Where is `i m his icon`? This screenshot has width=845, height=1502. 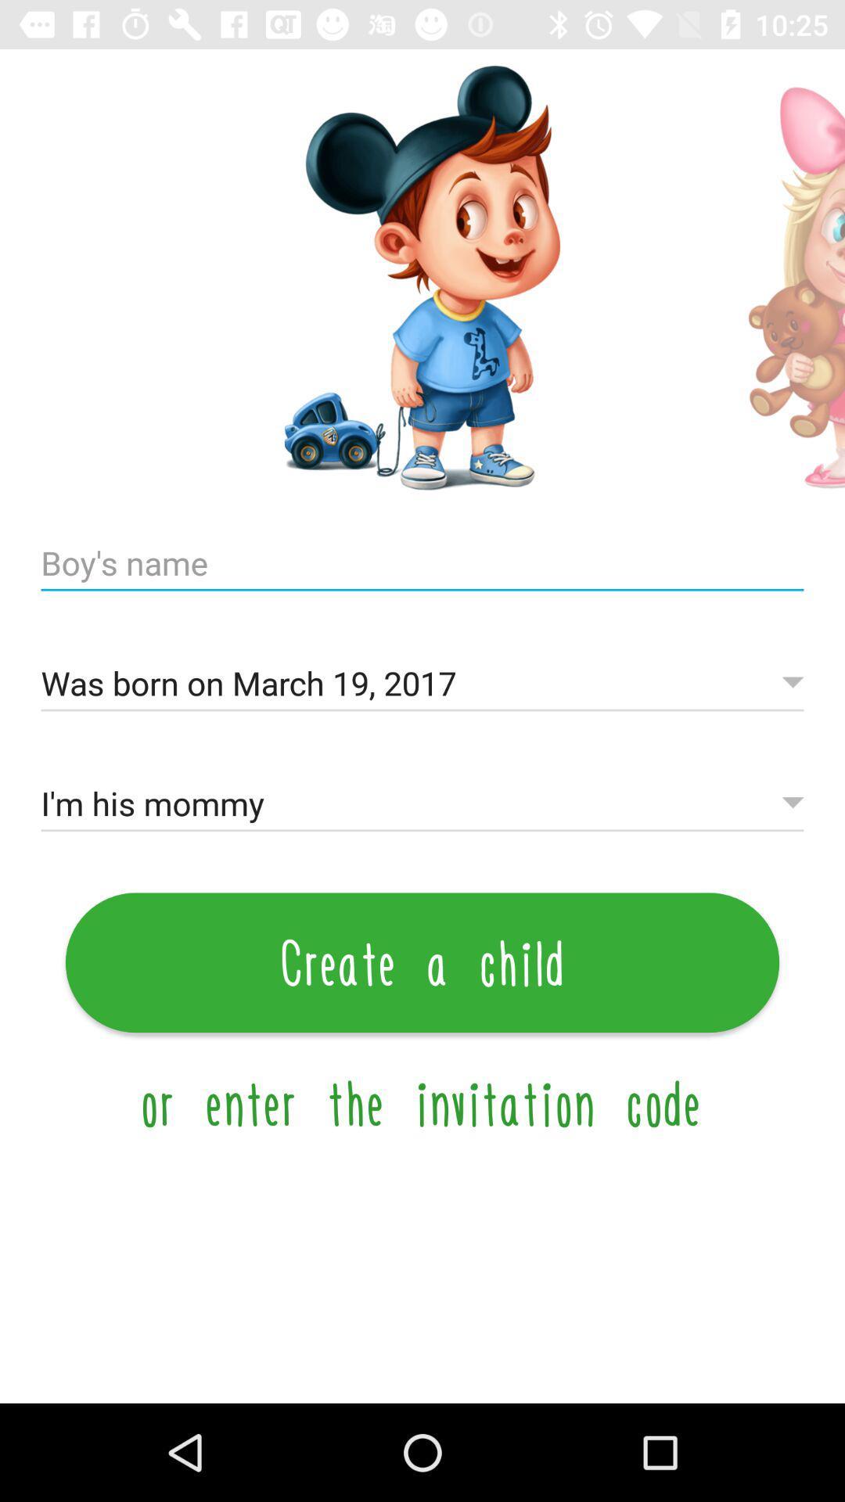 i m his icon is located at coordinates (422, 803).